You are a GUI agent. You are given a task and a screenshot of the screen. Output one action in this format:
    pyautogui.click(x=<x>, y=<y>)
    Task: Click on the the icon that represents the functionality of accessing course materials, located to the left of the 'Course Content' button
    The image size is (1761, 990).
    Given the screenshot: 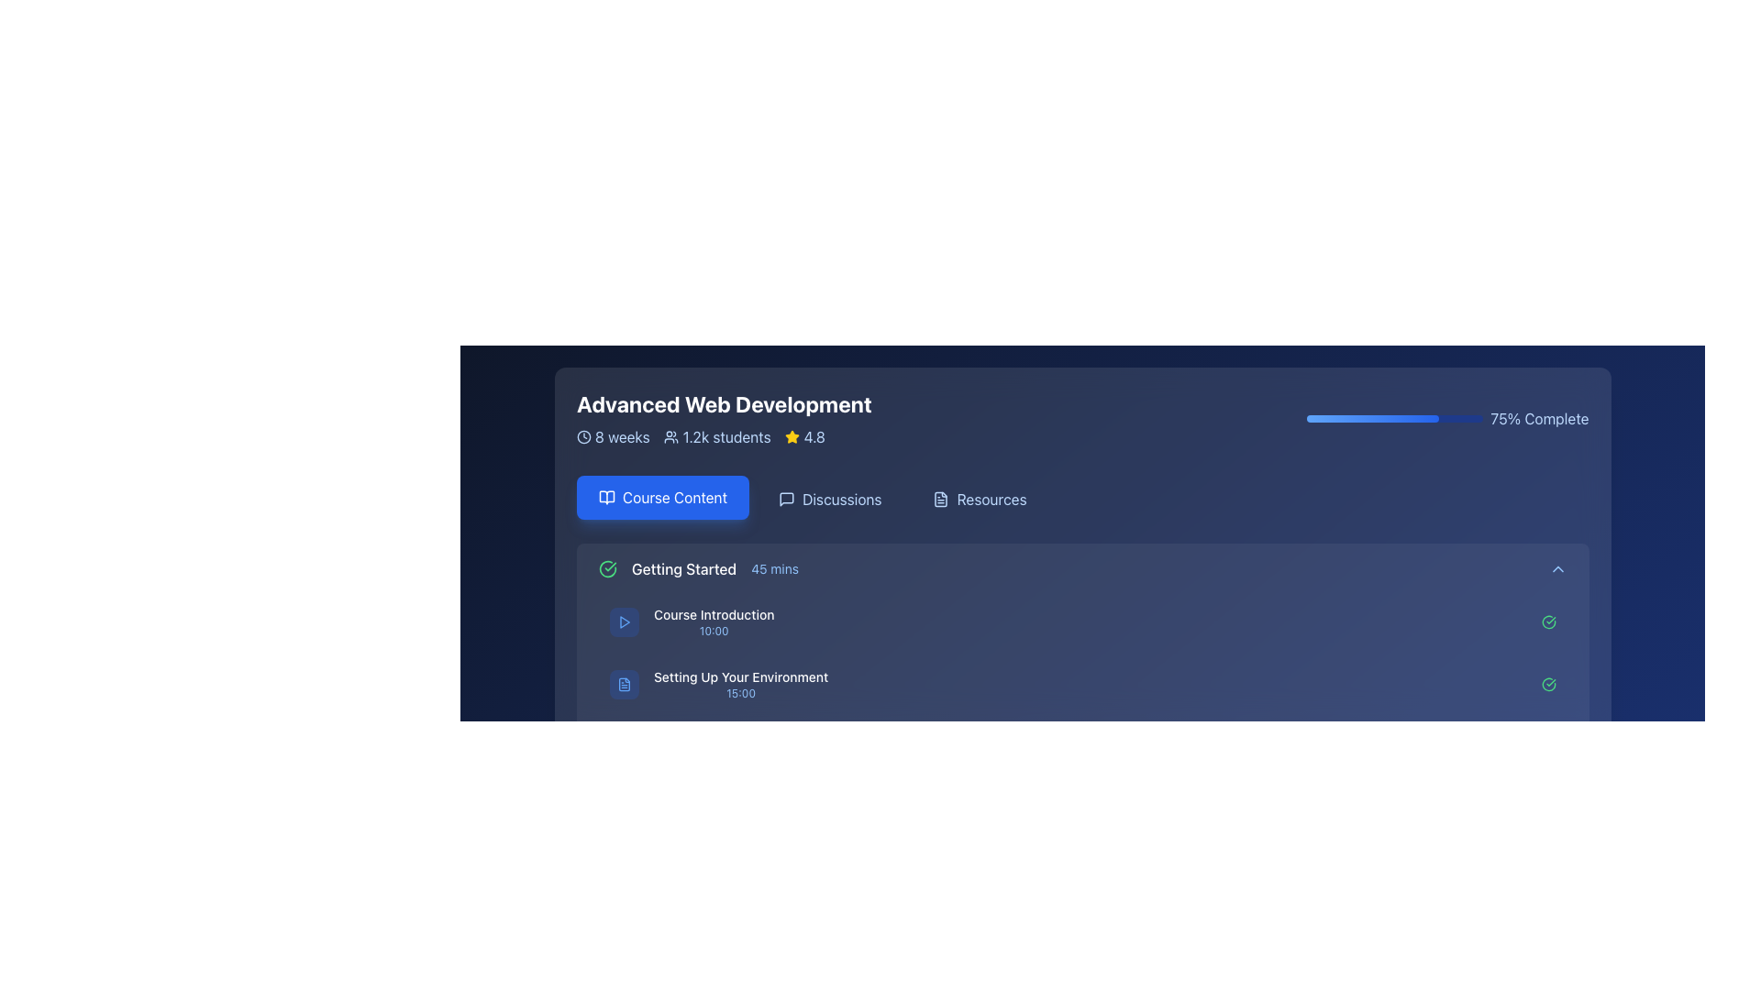 What is the action you would take?
    pyautogui.click(x=606, y=498)
    